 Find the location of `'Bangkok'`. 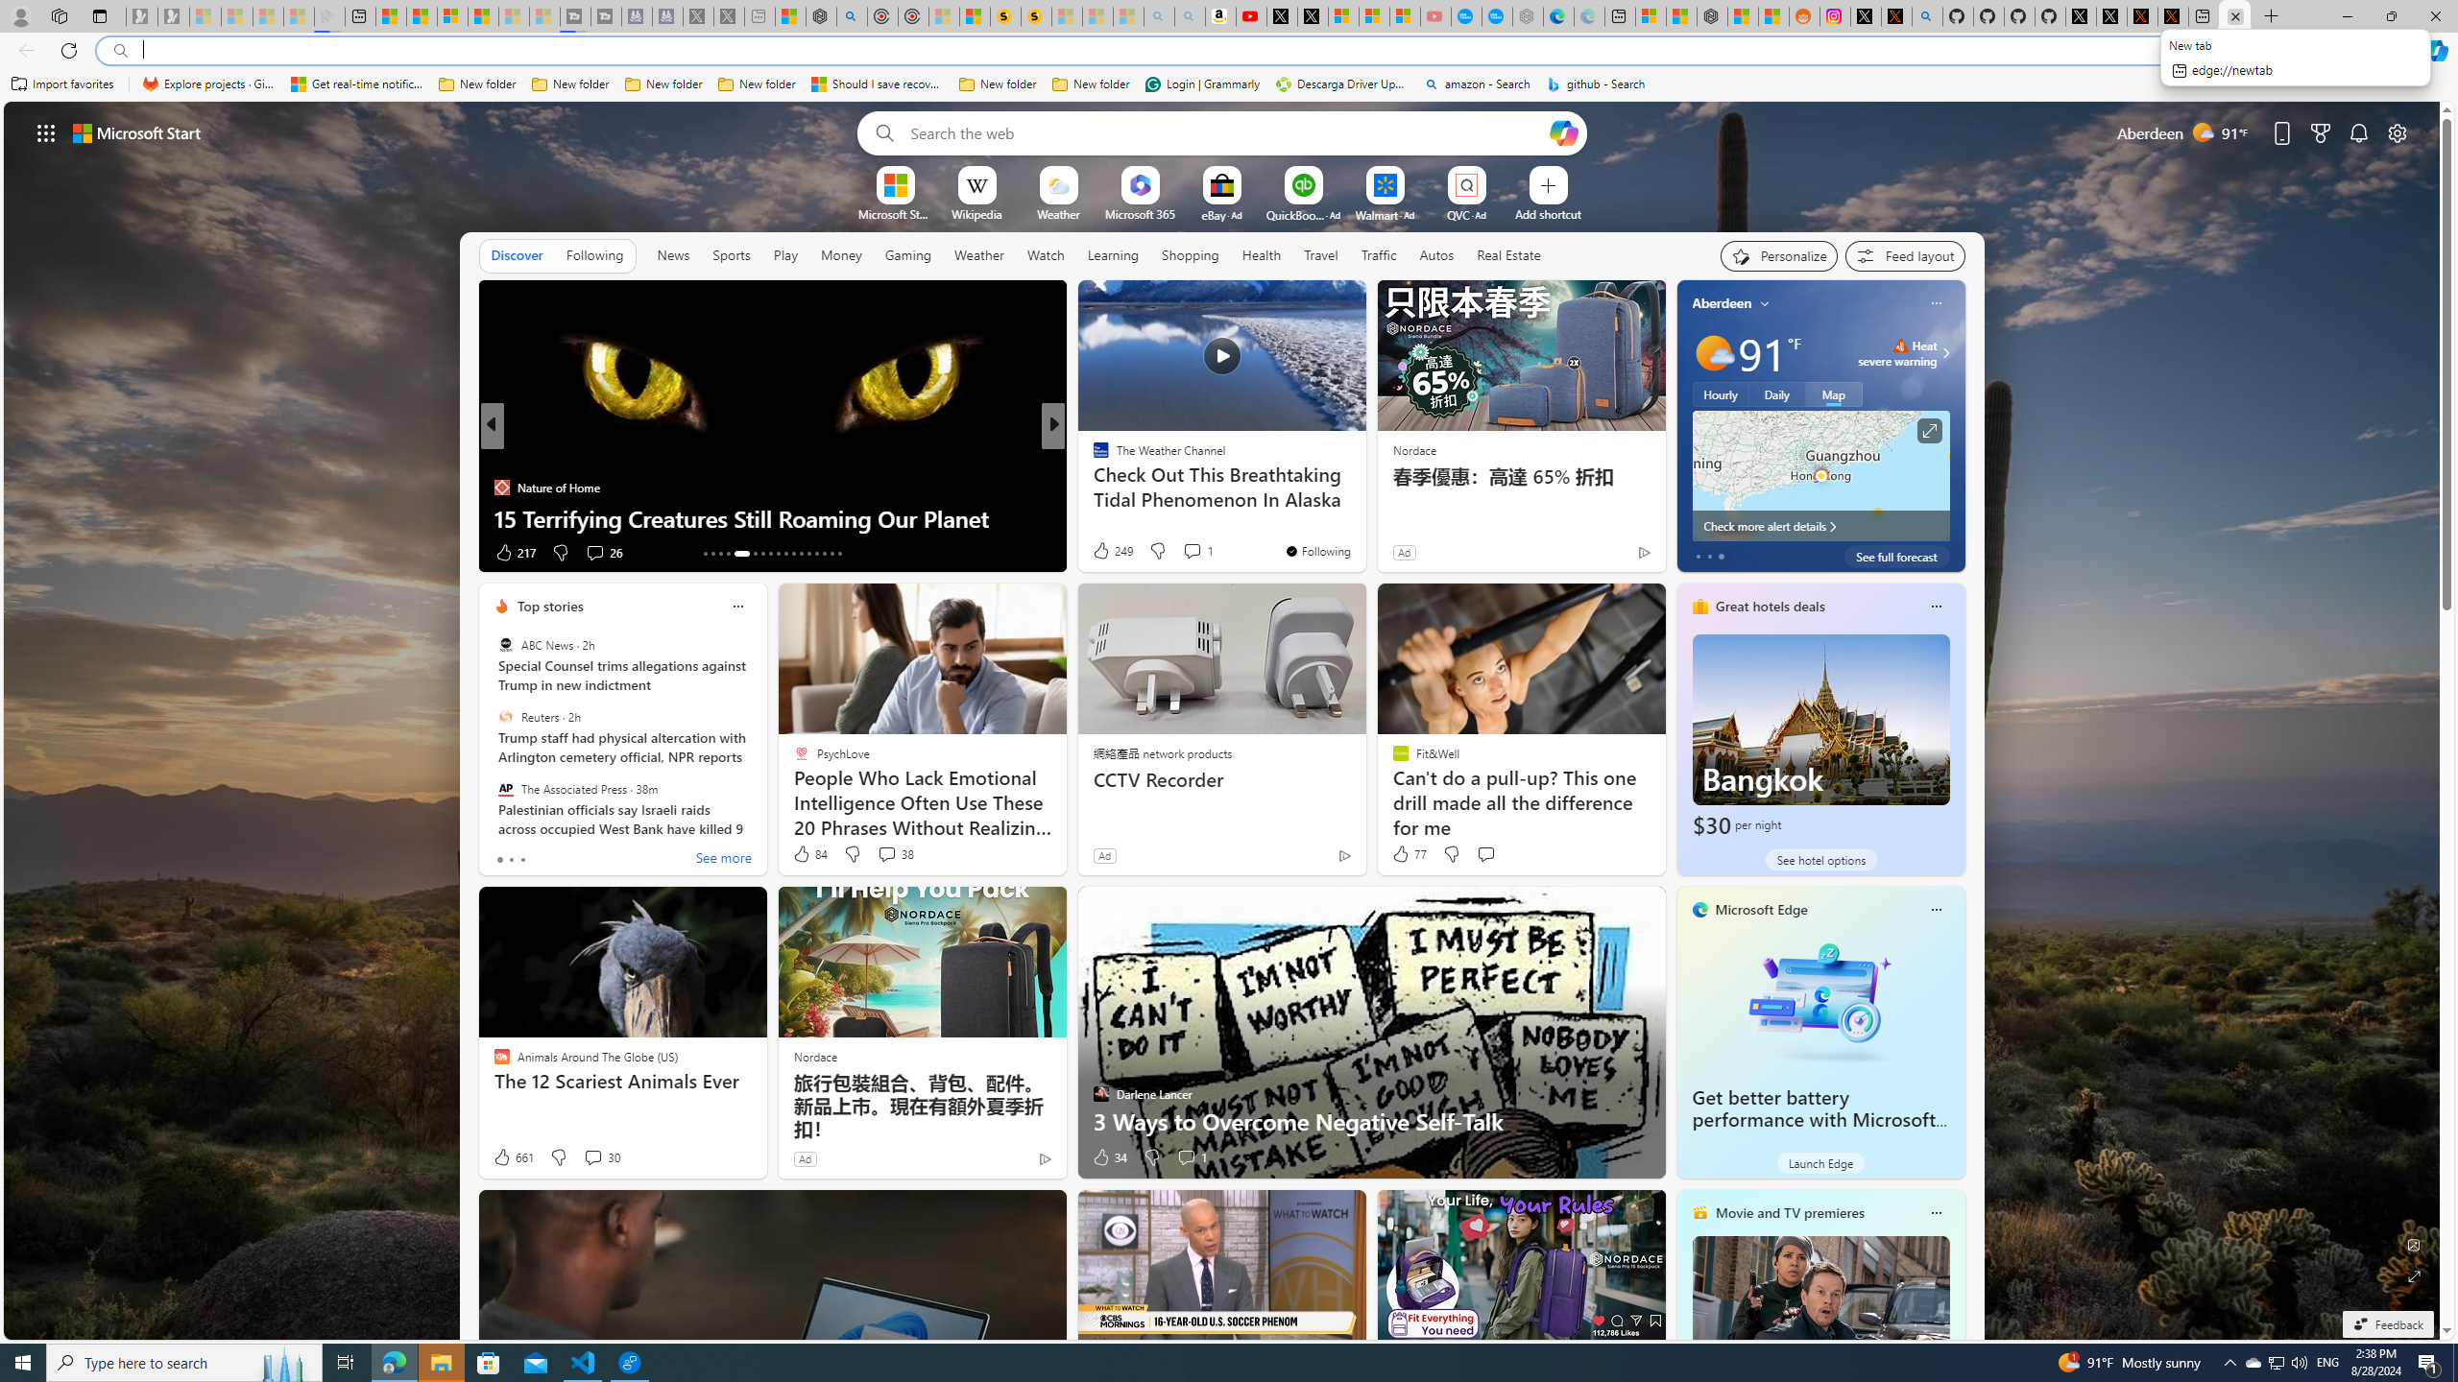

'Bangkok' is located at coordinates (1819, 736).